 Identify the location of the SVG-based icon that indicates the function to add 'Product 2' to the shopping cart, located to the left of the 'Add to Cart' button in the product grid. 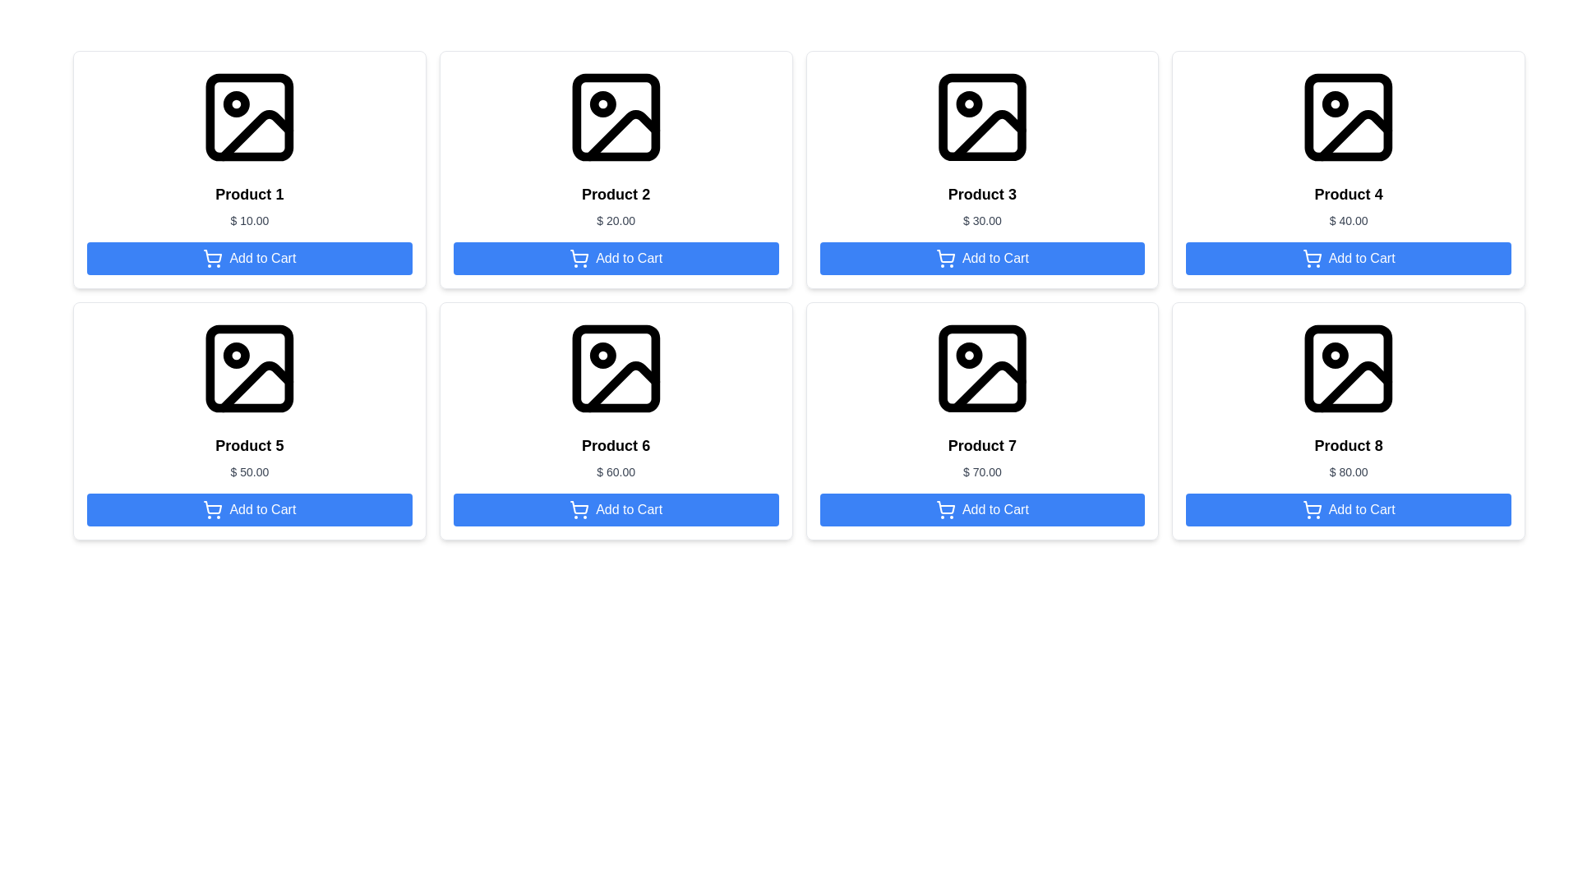
(579, 259).